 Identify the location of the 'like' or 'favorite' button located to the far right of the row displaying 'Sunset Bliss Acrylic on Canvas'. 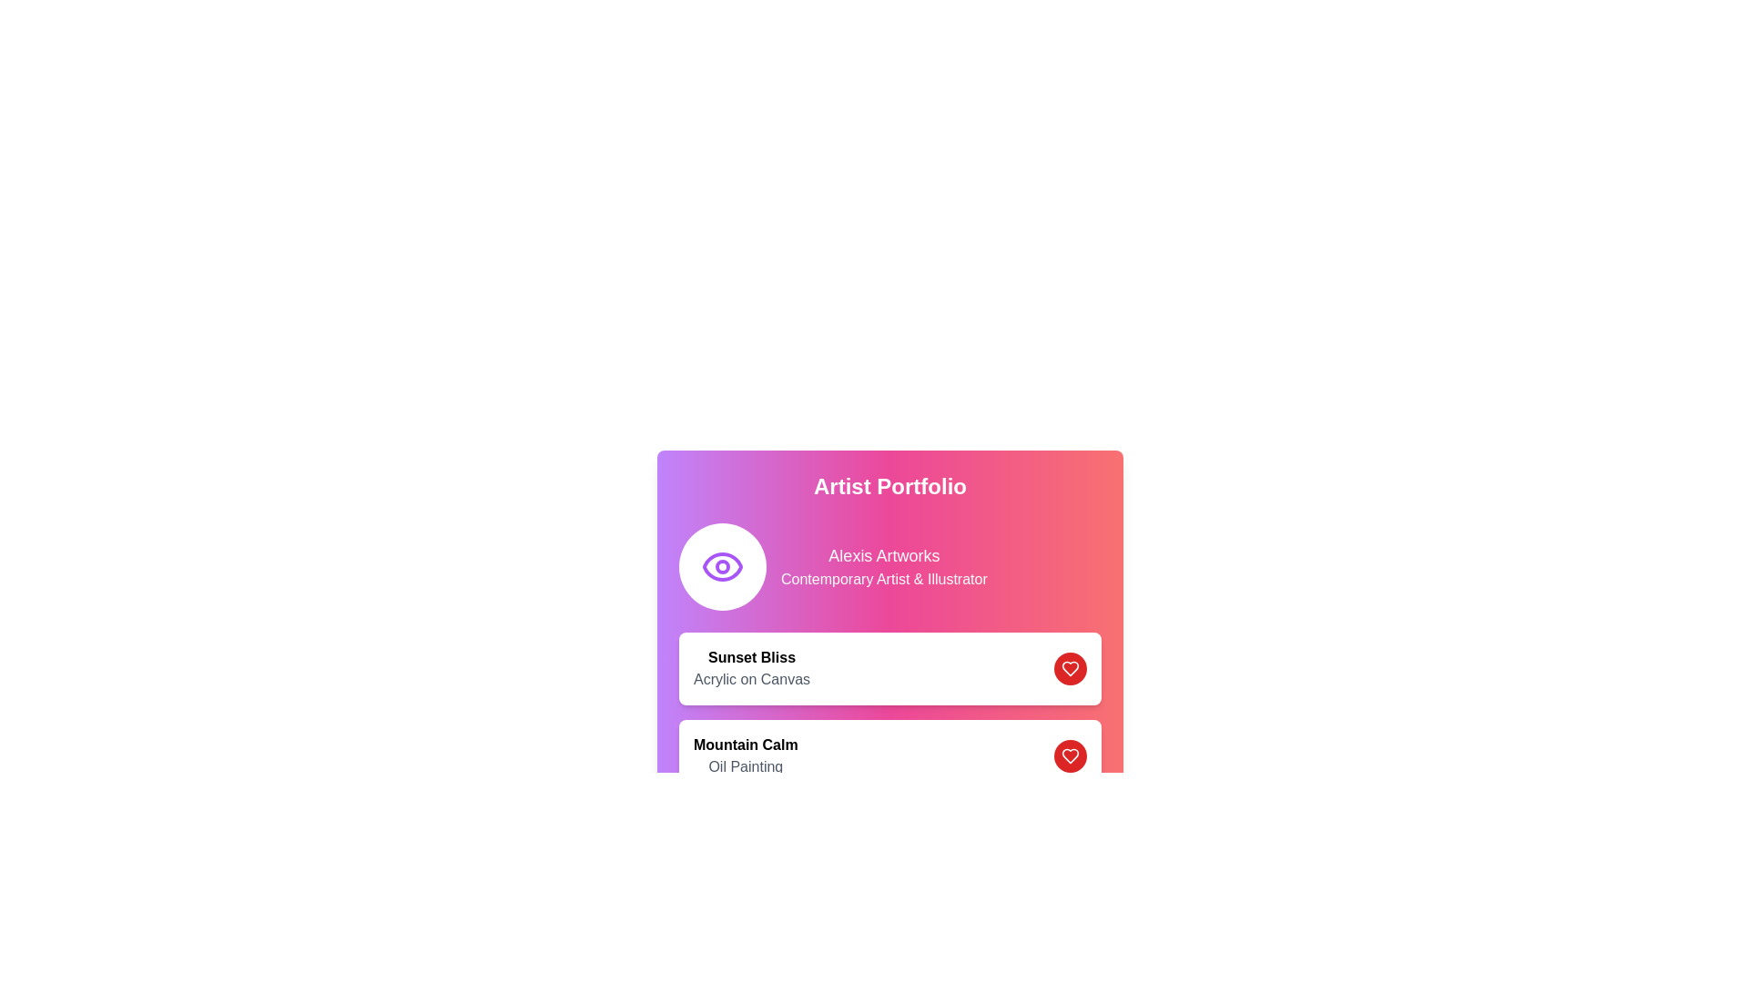
(1071, 669).